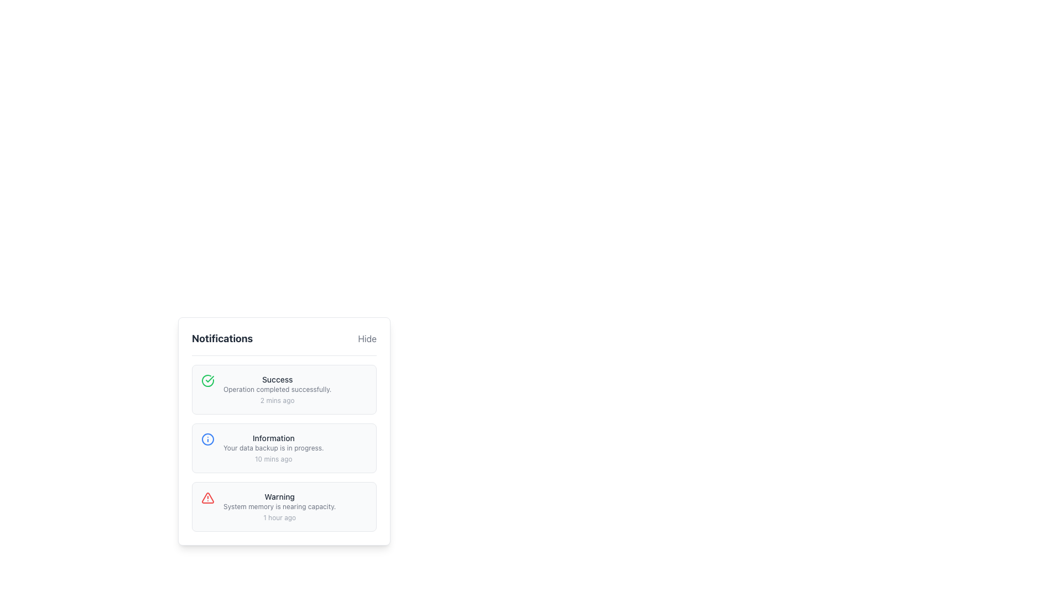 This screenshot has height=597, width=1062. Describe the element at coordinates (207, 438) in the screenshot. I see `the blue circular decorative element within the 'Information' notification card, which is part of the SVG icon set located at the leftmost side of the card` at that location.